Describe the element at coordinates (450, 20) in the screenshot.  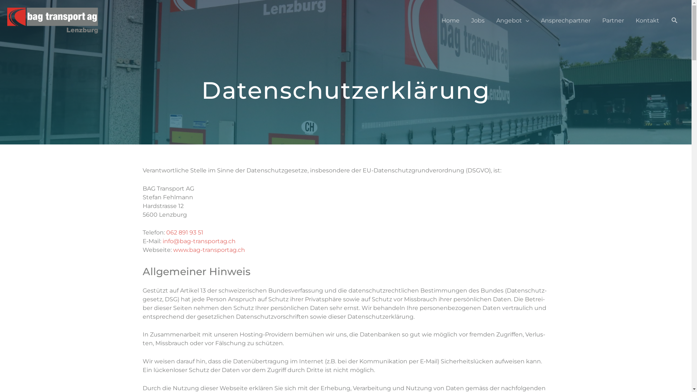
I see `'Home'` at that location.